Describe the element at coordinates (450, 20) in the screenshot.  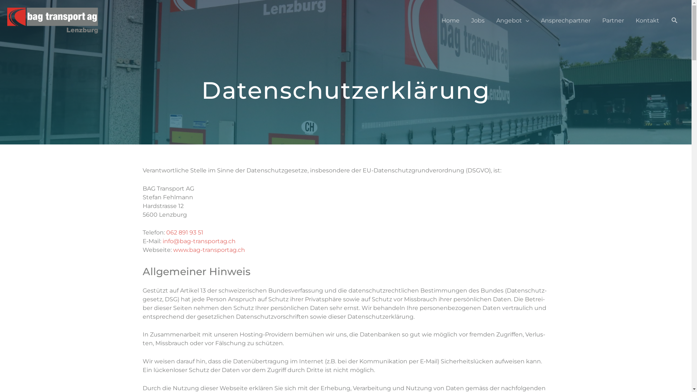
I see `'Home'` at that location.